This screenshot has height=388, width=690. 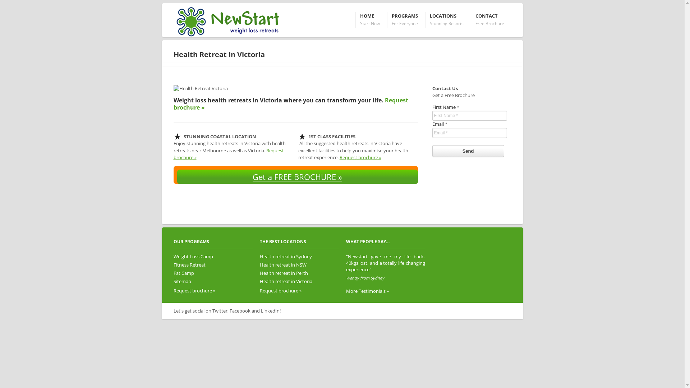 What do you see at coordinates (369, 19) in the screenshot?
I see `'HOME` at bounding box center [369, 19].